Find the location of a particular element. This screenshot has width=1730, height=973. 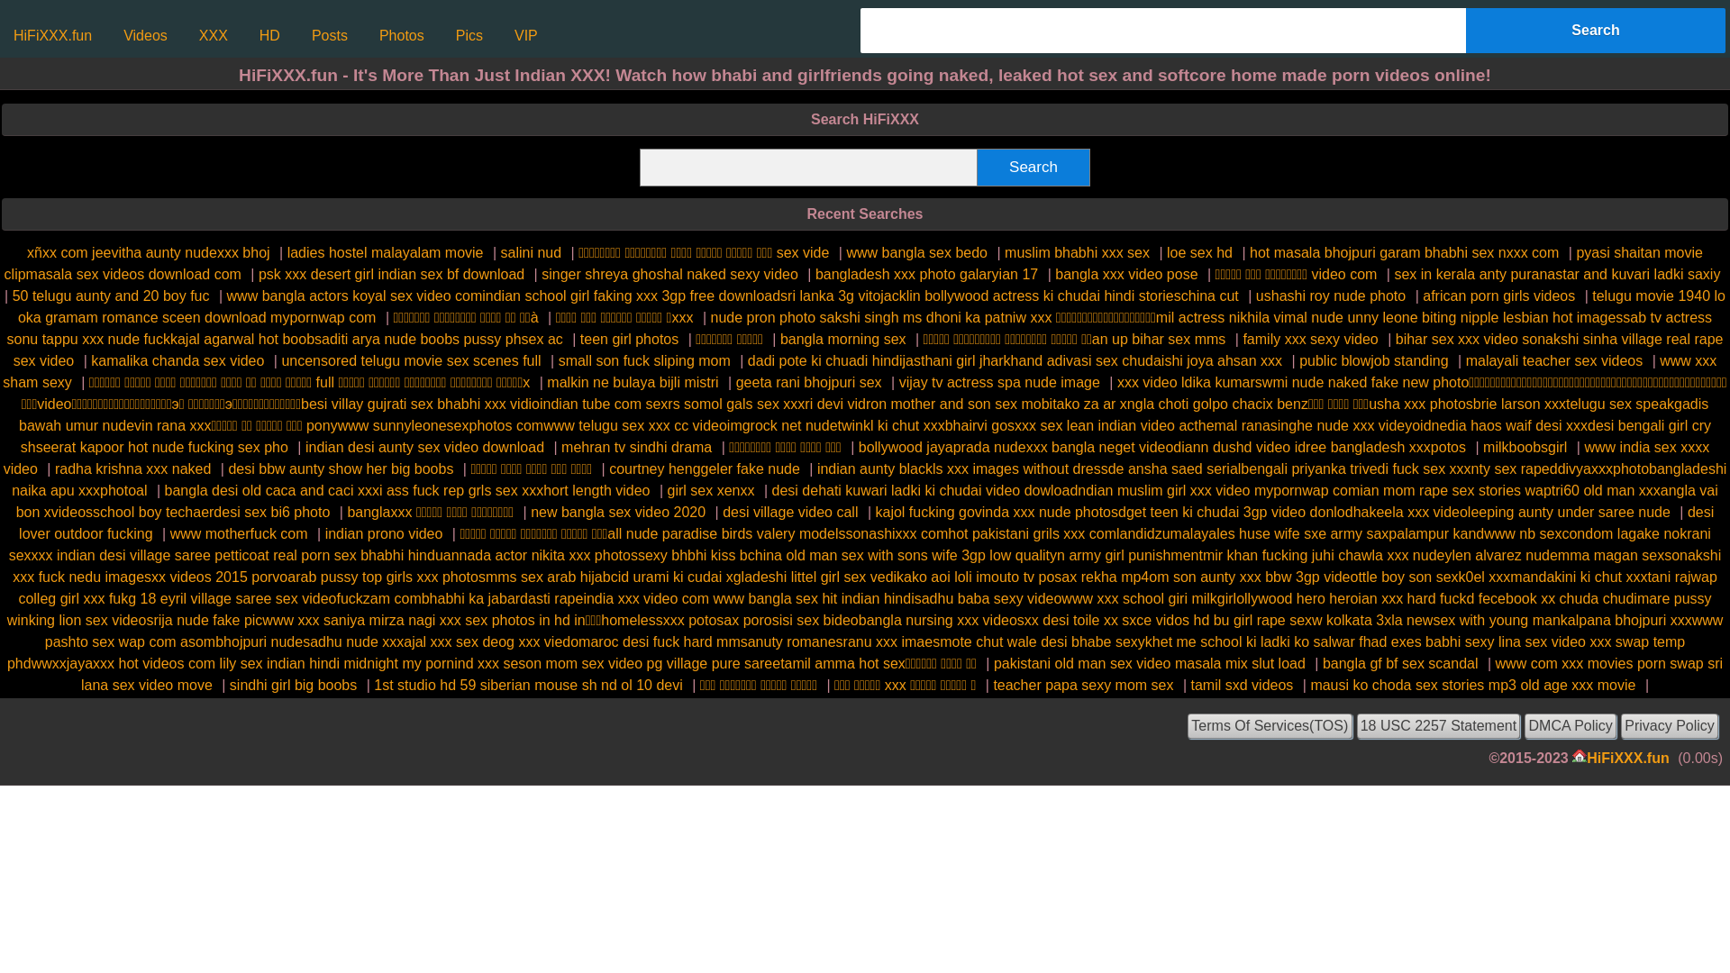

'new bangla sex video 2020' is located at coordinates (618, 512).